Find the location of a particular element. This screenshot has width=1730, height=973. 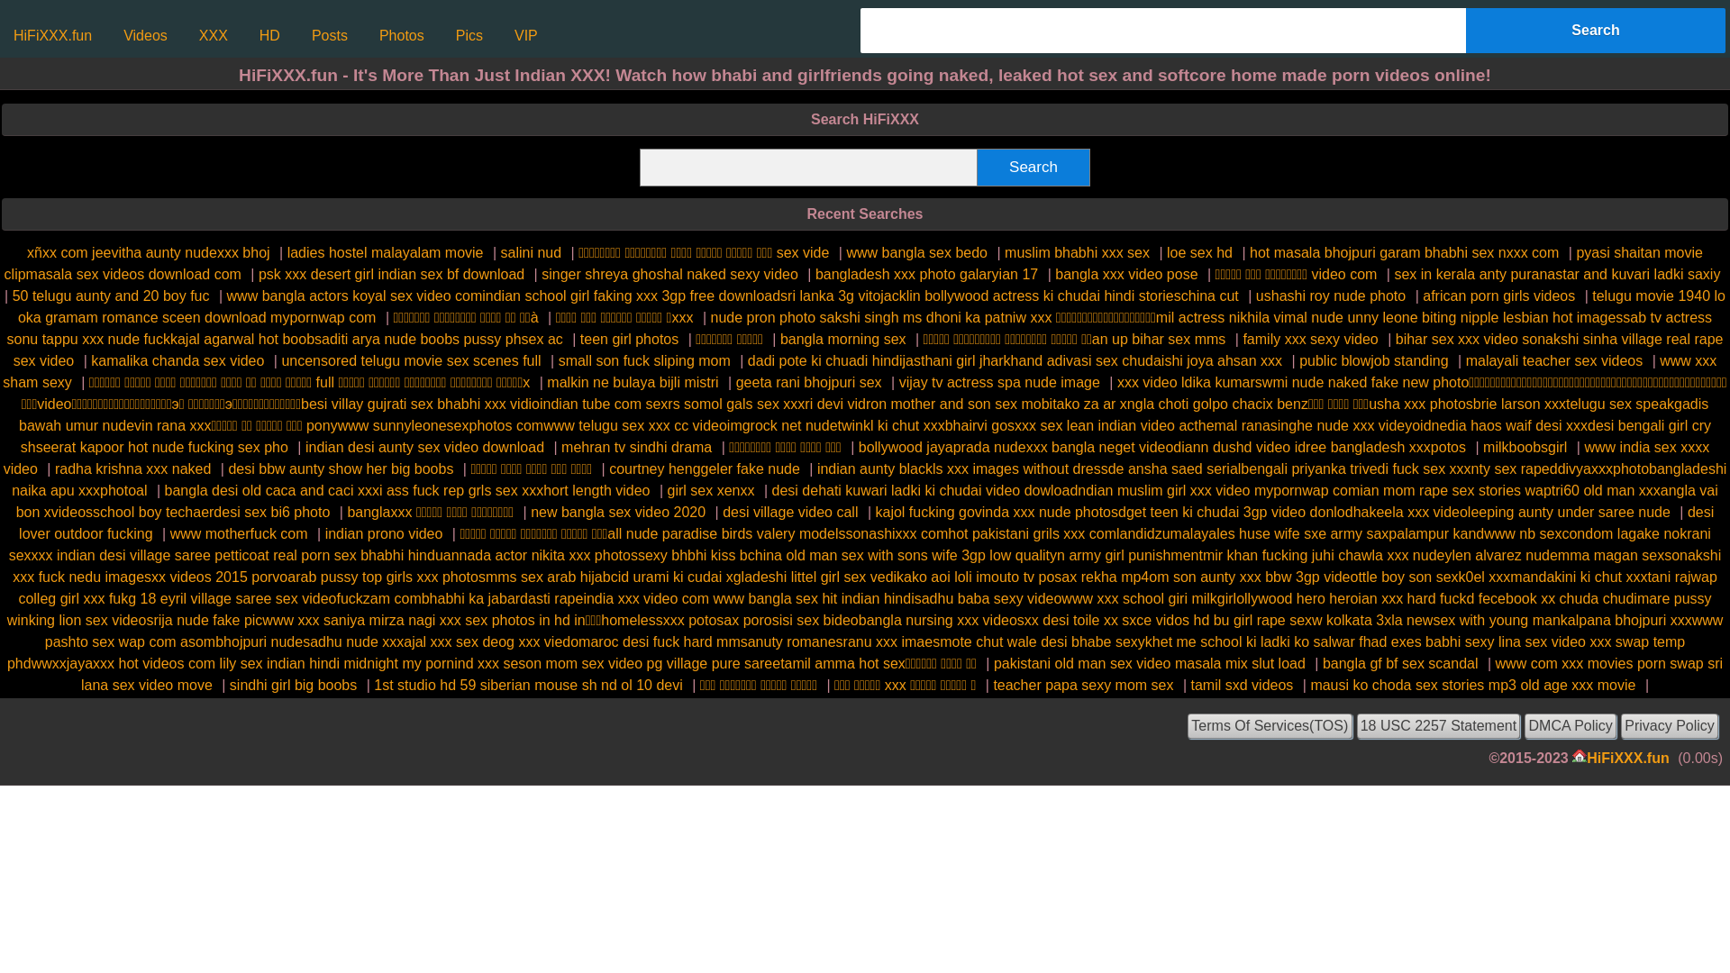

'new bangla sex video 2020' is located at coordinates (618, 512).